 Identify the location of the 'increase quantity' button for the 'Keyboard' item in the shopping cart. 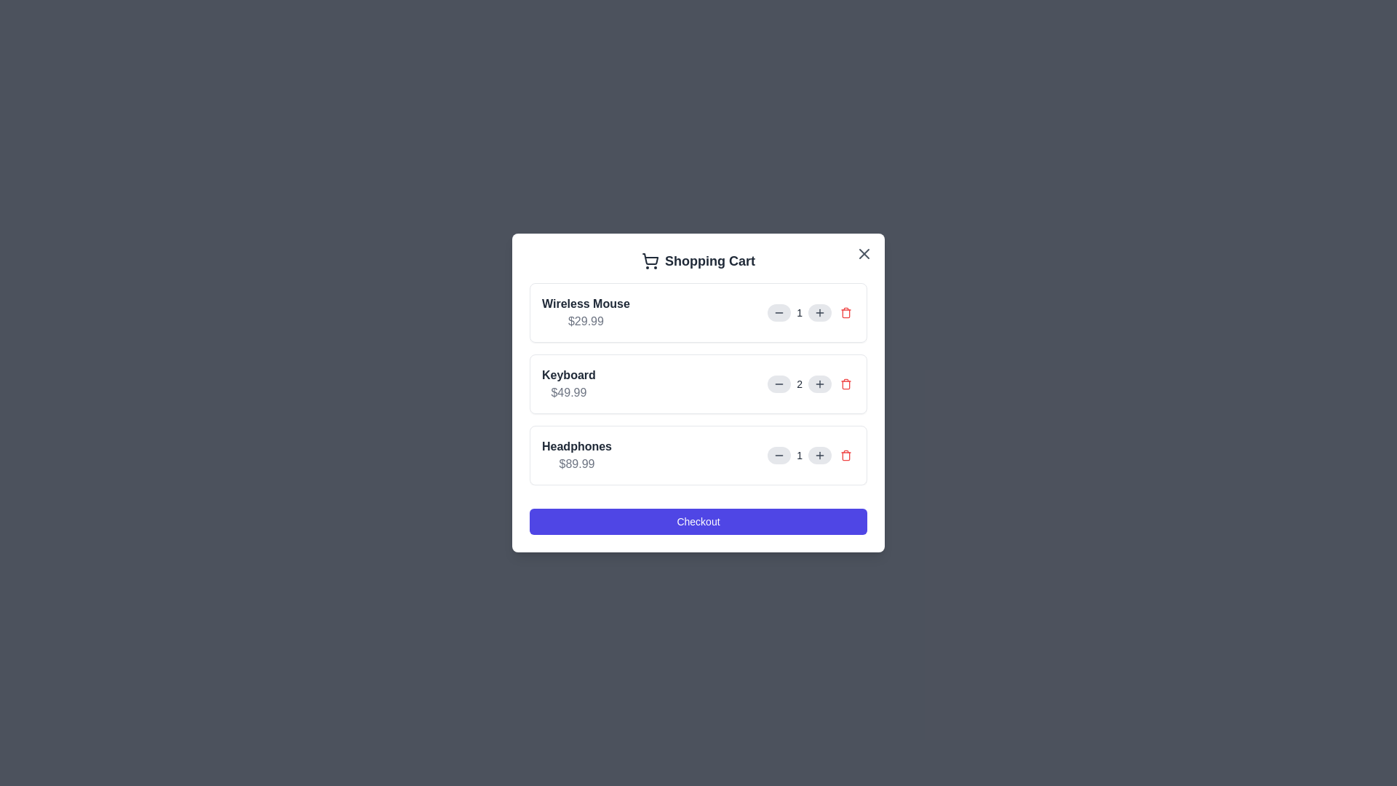
(820, 384).